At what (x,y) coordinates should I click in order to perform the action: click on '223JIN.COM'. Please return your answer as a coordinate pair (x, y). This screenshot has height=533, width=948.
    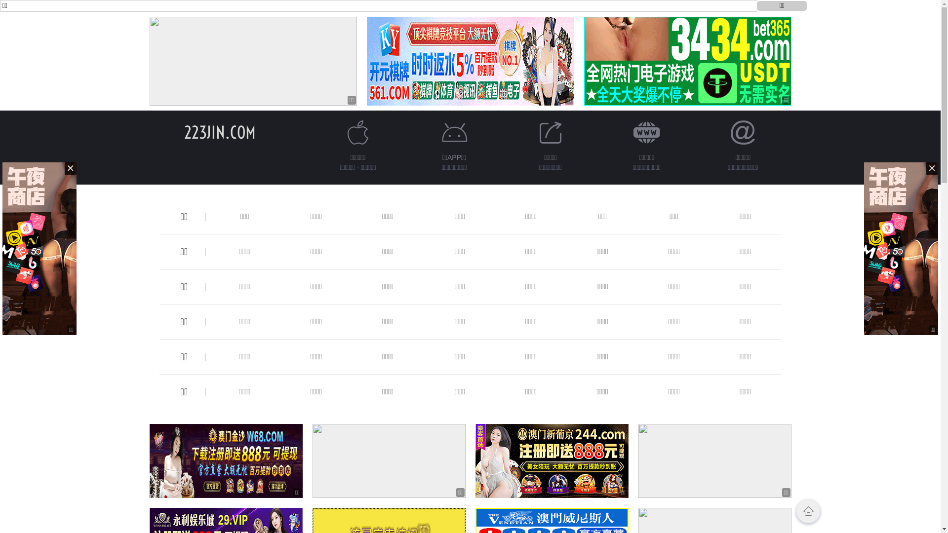
    Looking at the image, I should click on (219, 132).